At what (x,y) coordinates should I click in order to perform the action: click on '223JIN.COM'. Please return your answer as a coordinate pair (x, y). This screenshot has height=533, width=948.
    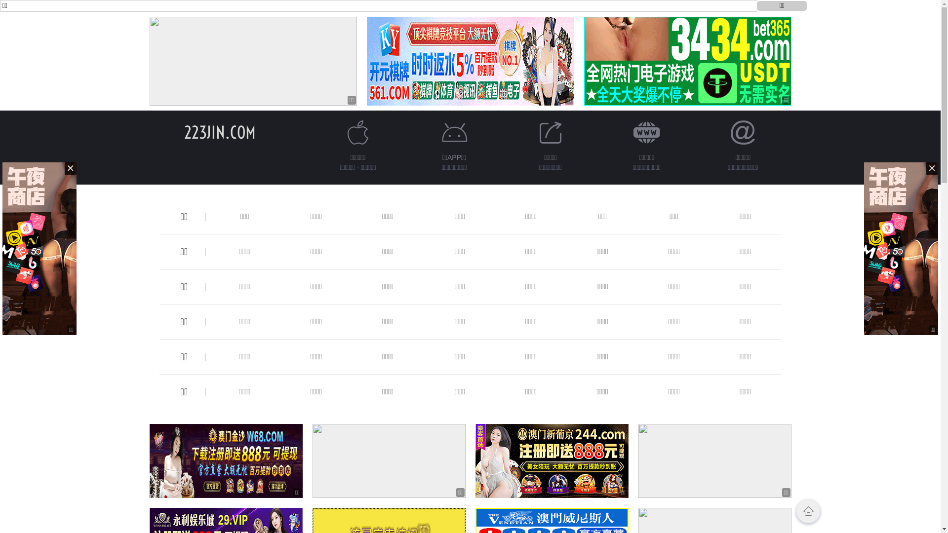
    Looking at the image, I should click on (219, 132).